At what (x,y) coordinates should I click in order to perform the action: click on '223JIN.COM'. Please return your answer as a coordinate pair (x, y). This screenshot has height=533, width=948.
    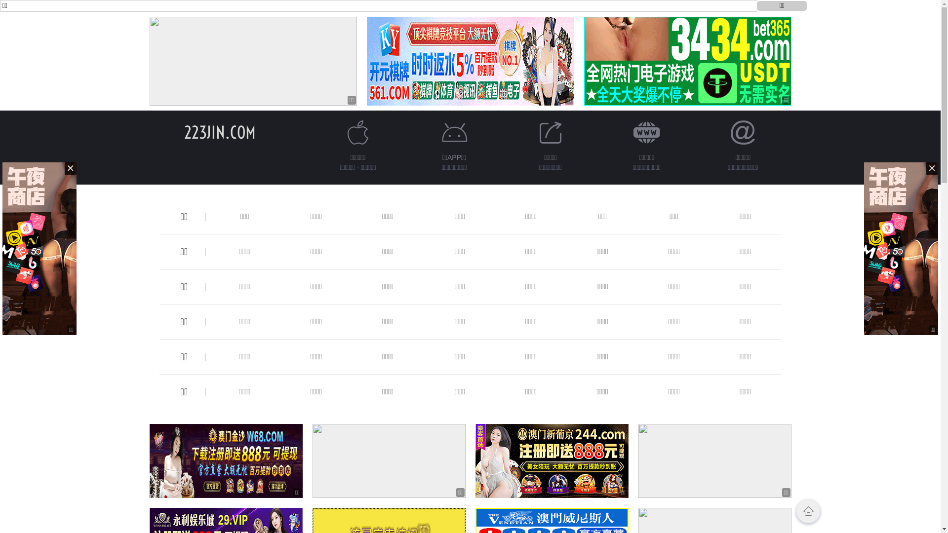
    Looking at the image, I should click on (219, 132).